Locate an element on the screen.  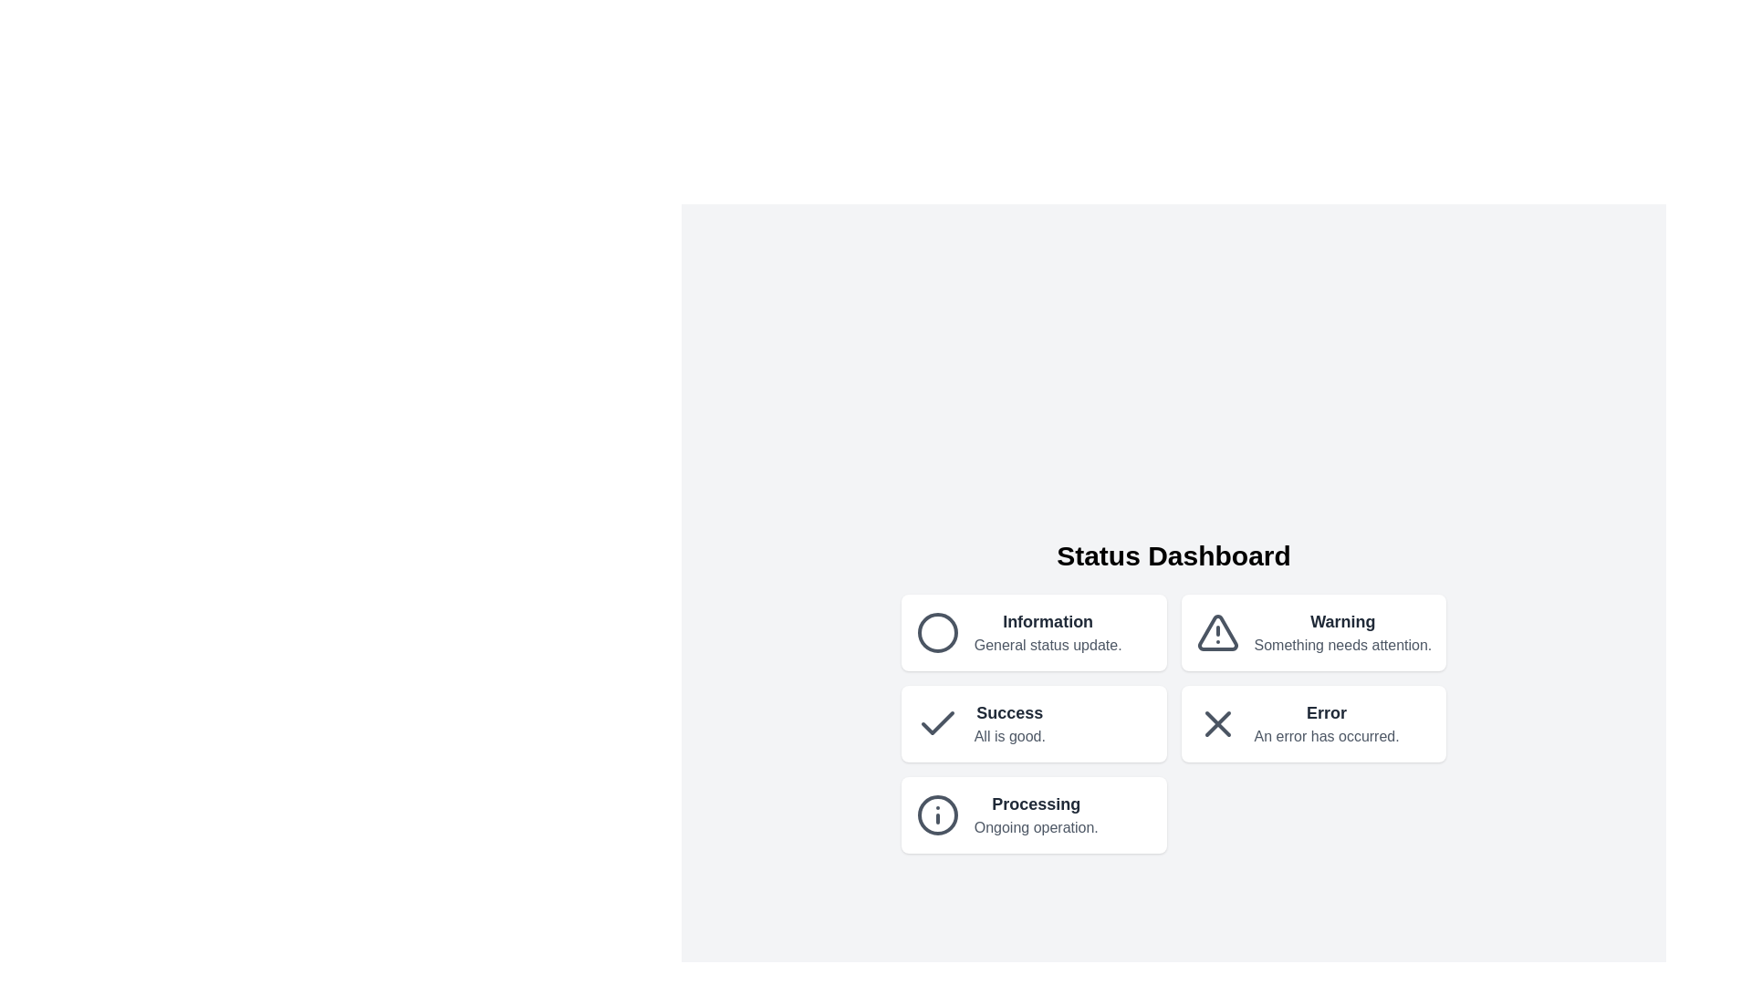
the status indicator text component labeled 'Processing' that provides updates on an ongoing operation is located at coordinates (1036, 814).